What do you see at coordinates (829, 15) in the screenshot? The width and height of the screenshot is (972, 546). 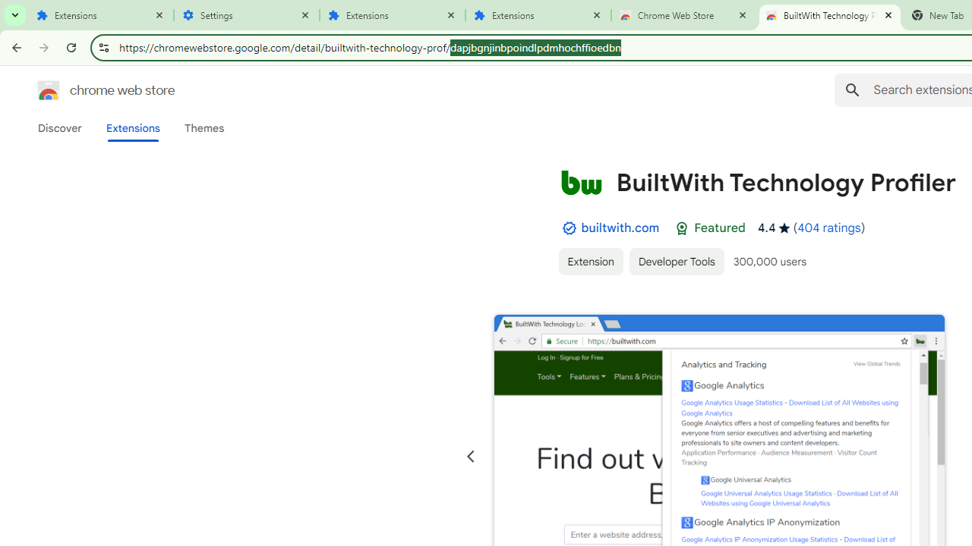 I see `'BuiltWith Technology Profiler - Chrome Web Store'` at bounding box center [829, 15].